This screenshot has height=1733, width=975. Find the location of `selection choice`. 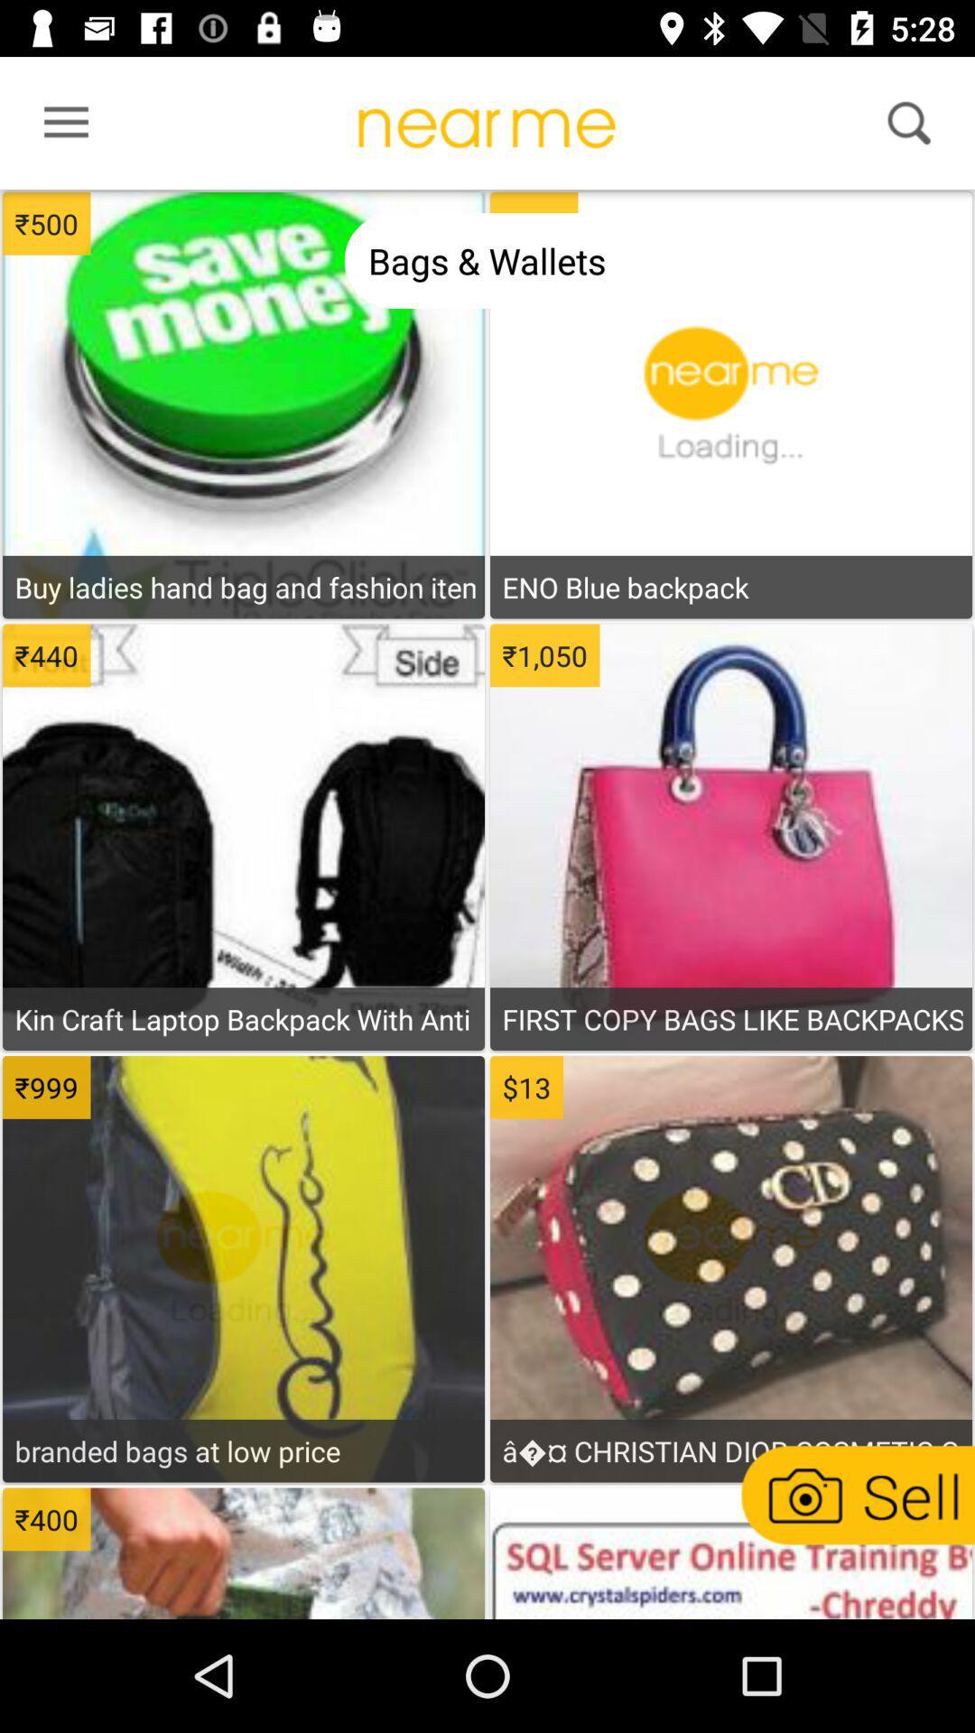

selection choice is located at coordinates (244, 326).